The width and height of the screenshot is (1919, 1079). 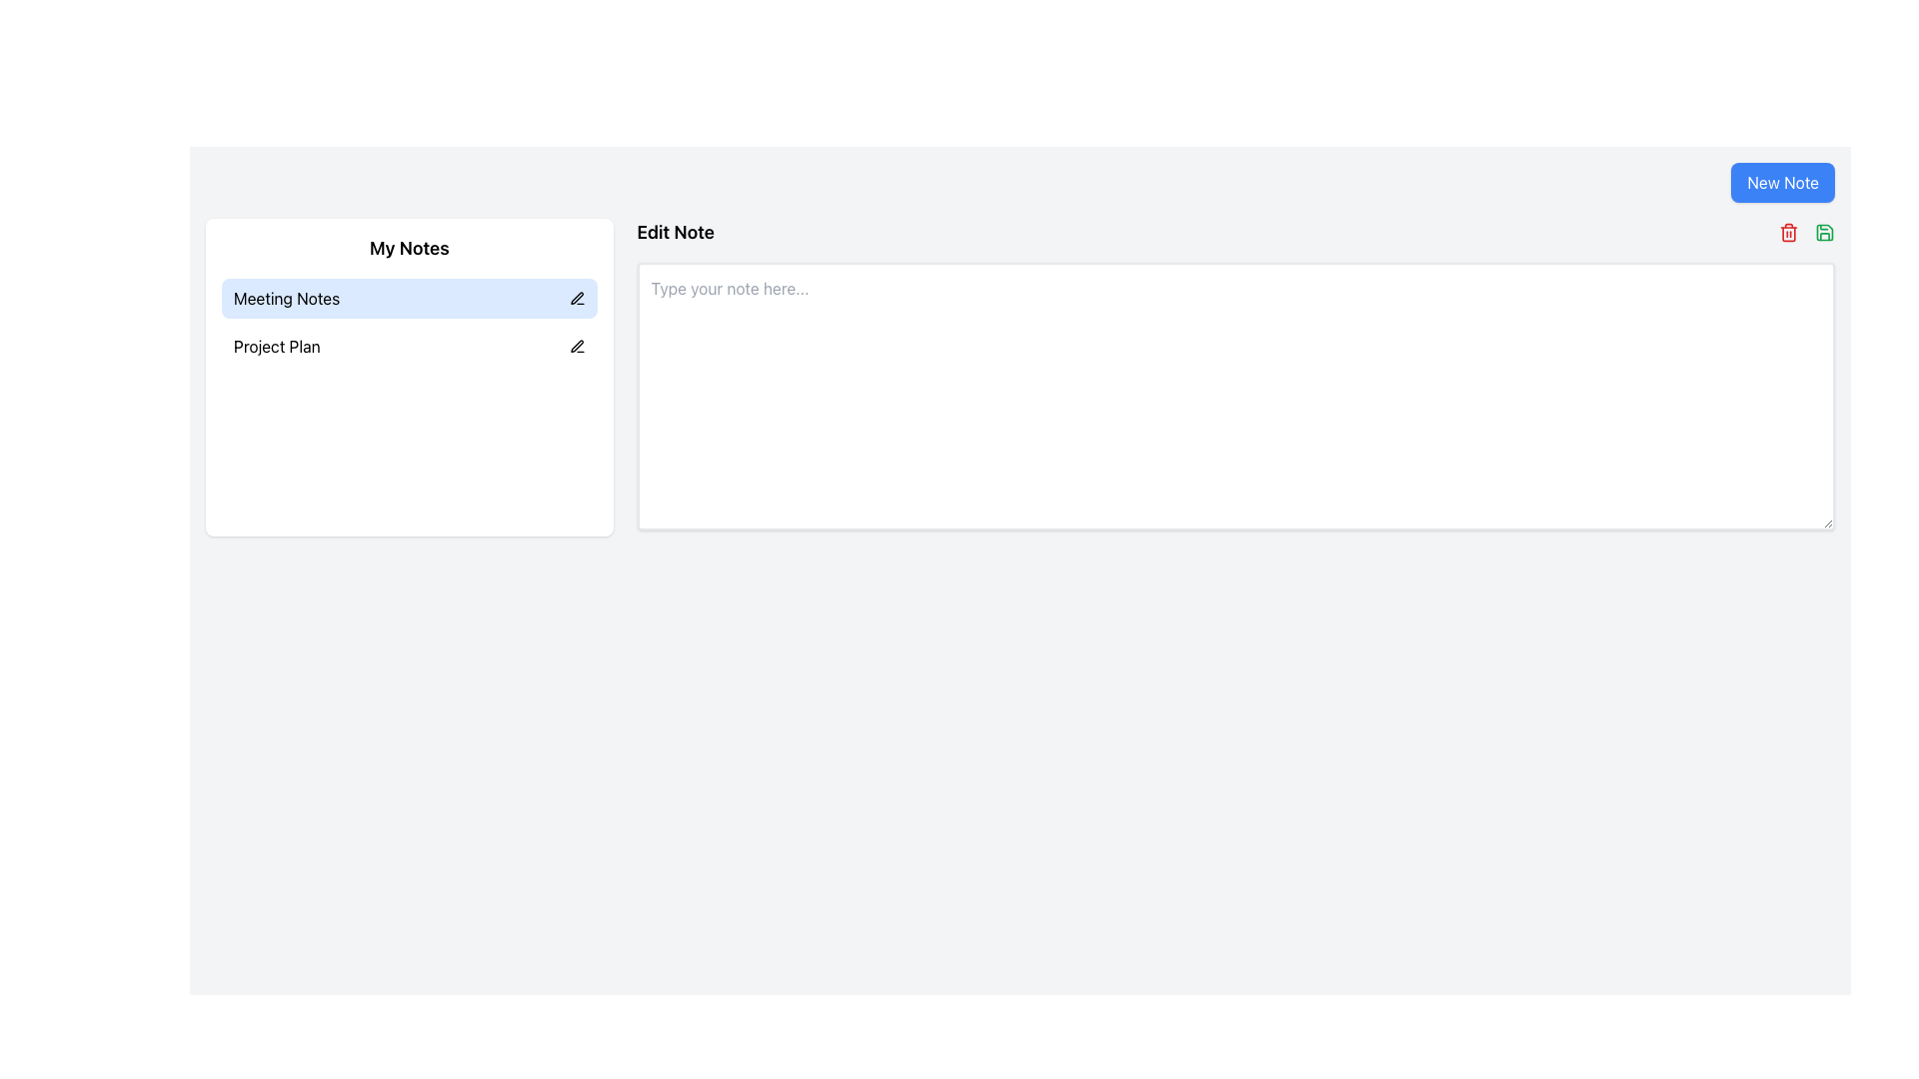 I want to click on the text label for the note item titled 'My Notes', so click(x=286, y=299).